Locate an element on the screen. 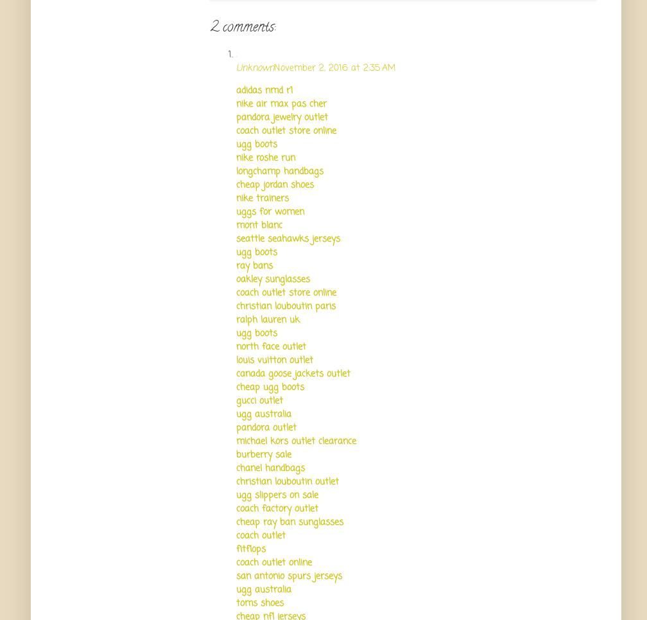  'fitflops' is located at coordinates (251, 548).